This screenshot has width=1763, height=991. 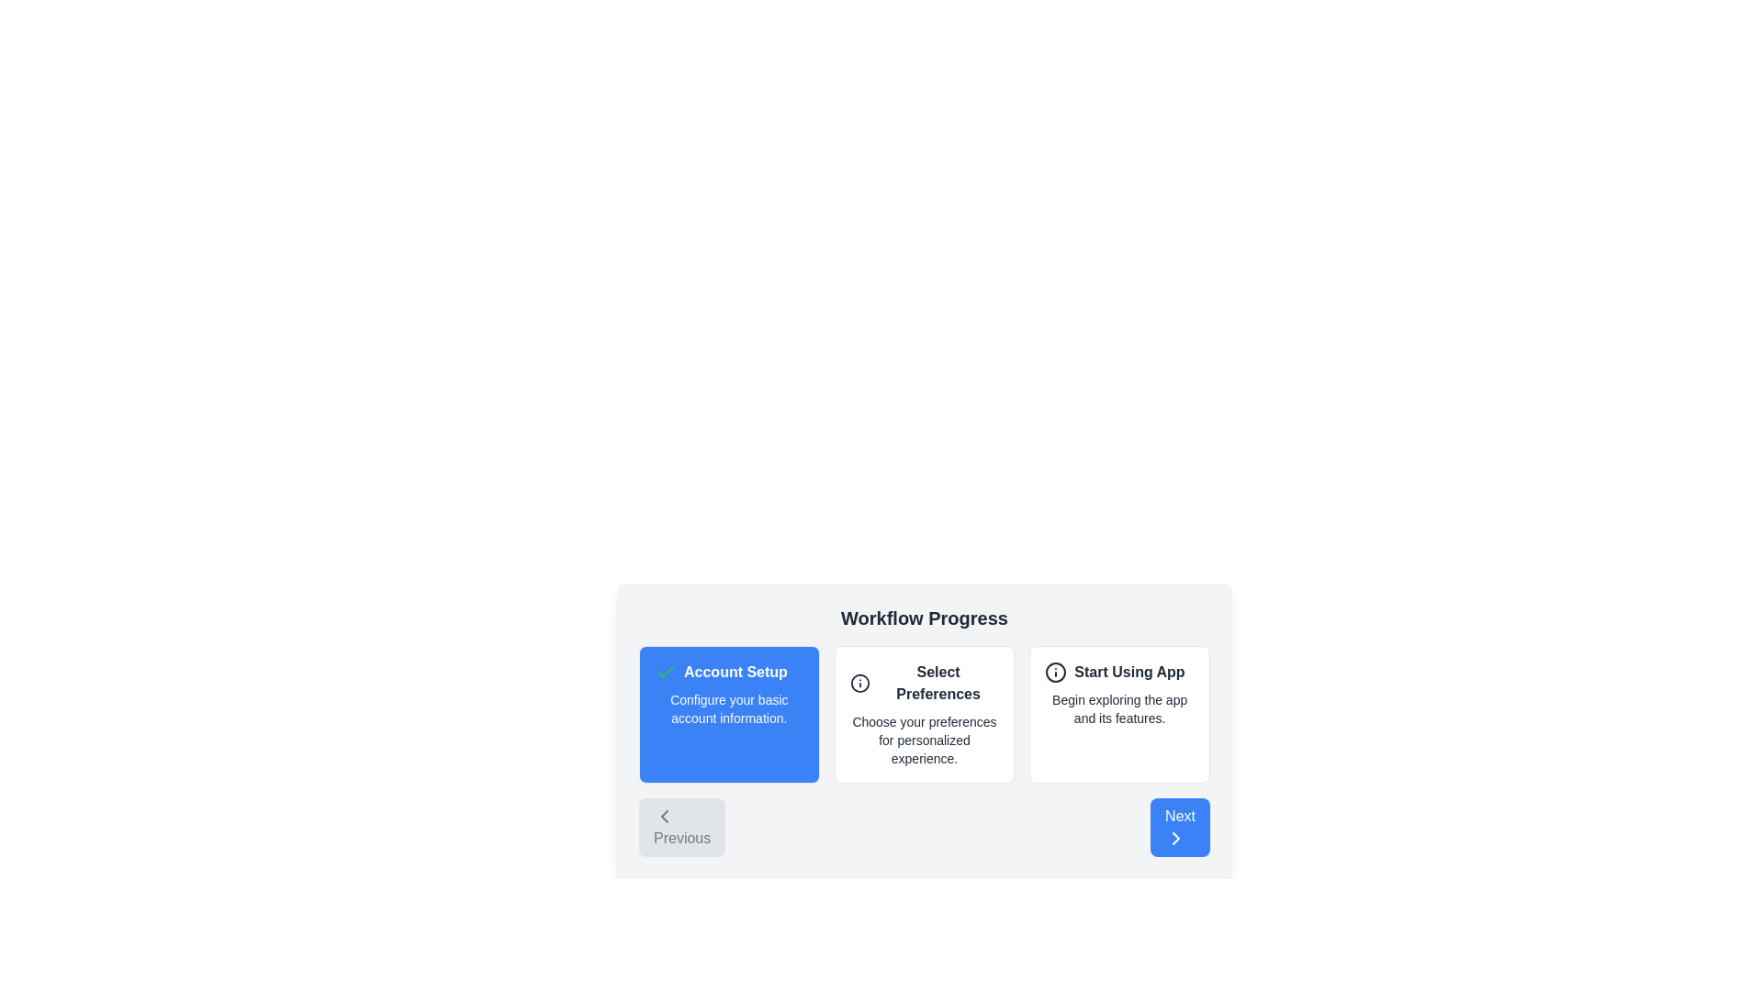 What do you see at coordinates (1056, 672) in the screenshot?
I see `the informational help icon located to the left of the 'Start Using App' text in the 'Workflow Progress' interface` at bounding box center [1056, 672].